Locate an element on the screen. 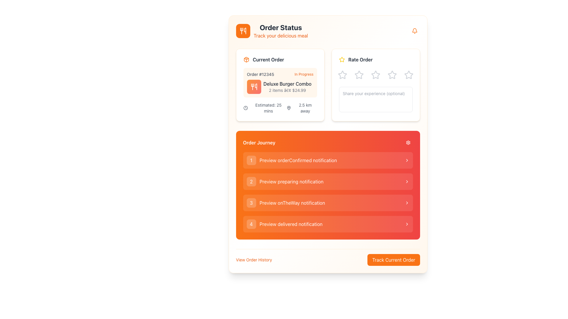 This screenshot has height=319, width=568. the second item in the interactive list under the 'Order Journey' section is located at coordinates (327, 192).